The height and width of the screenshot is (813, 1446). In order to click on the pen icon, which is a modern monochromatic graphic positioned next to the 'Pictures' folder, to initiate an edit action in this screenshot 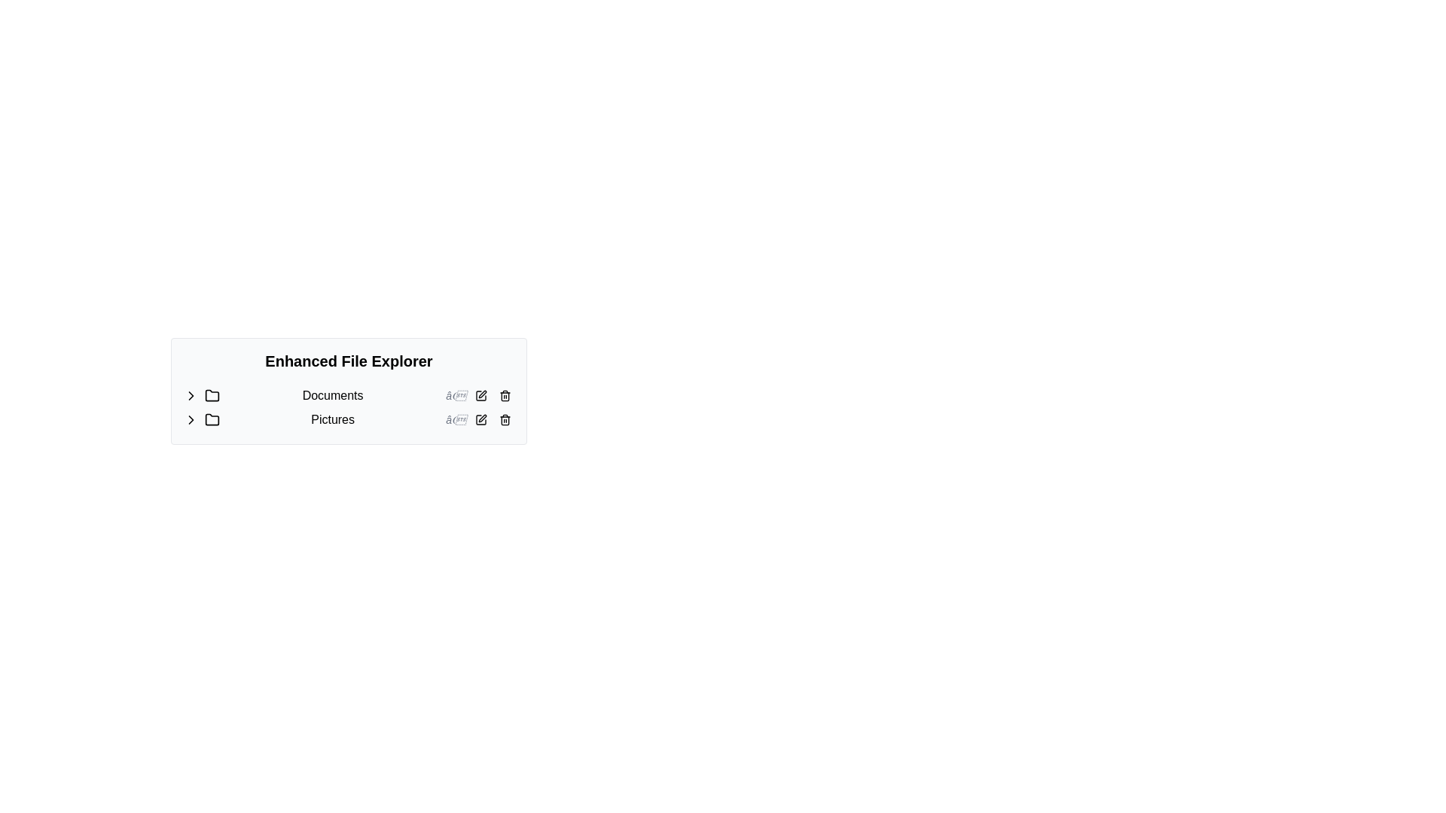, I will do `click(483, 418)`.